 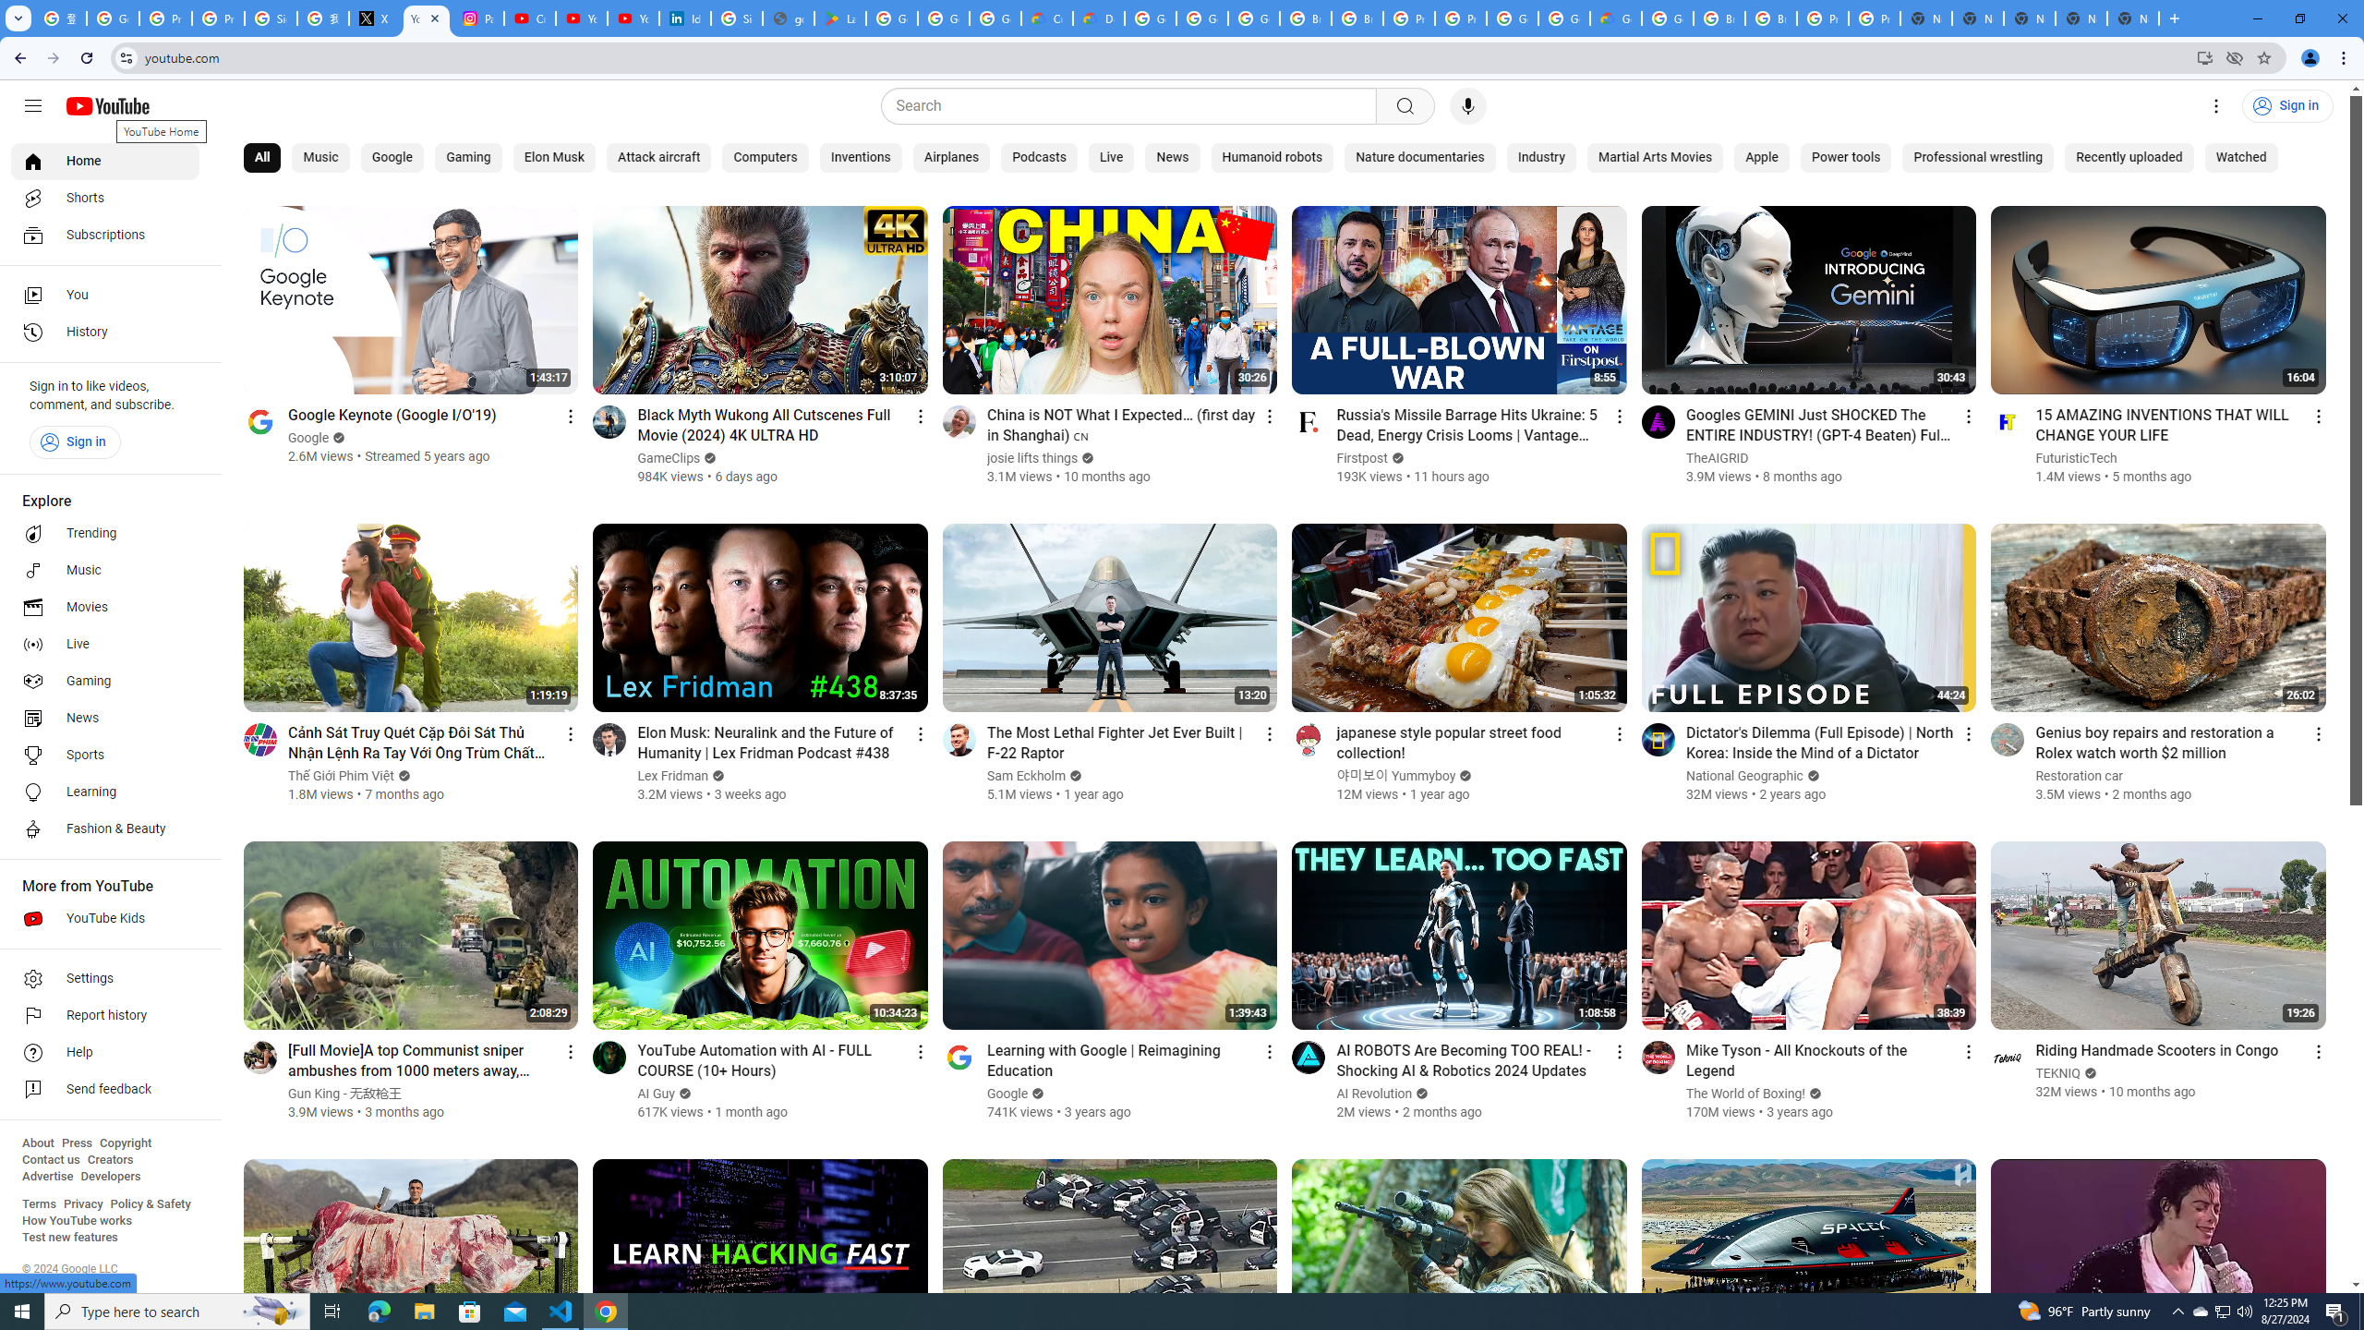 What do you see at coordinates (1745, 775) in the screenshot?
I see `'National Geographic'` at bounding box center [1745, 775].